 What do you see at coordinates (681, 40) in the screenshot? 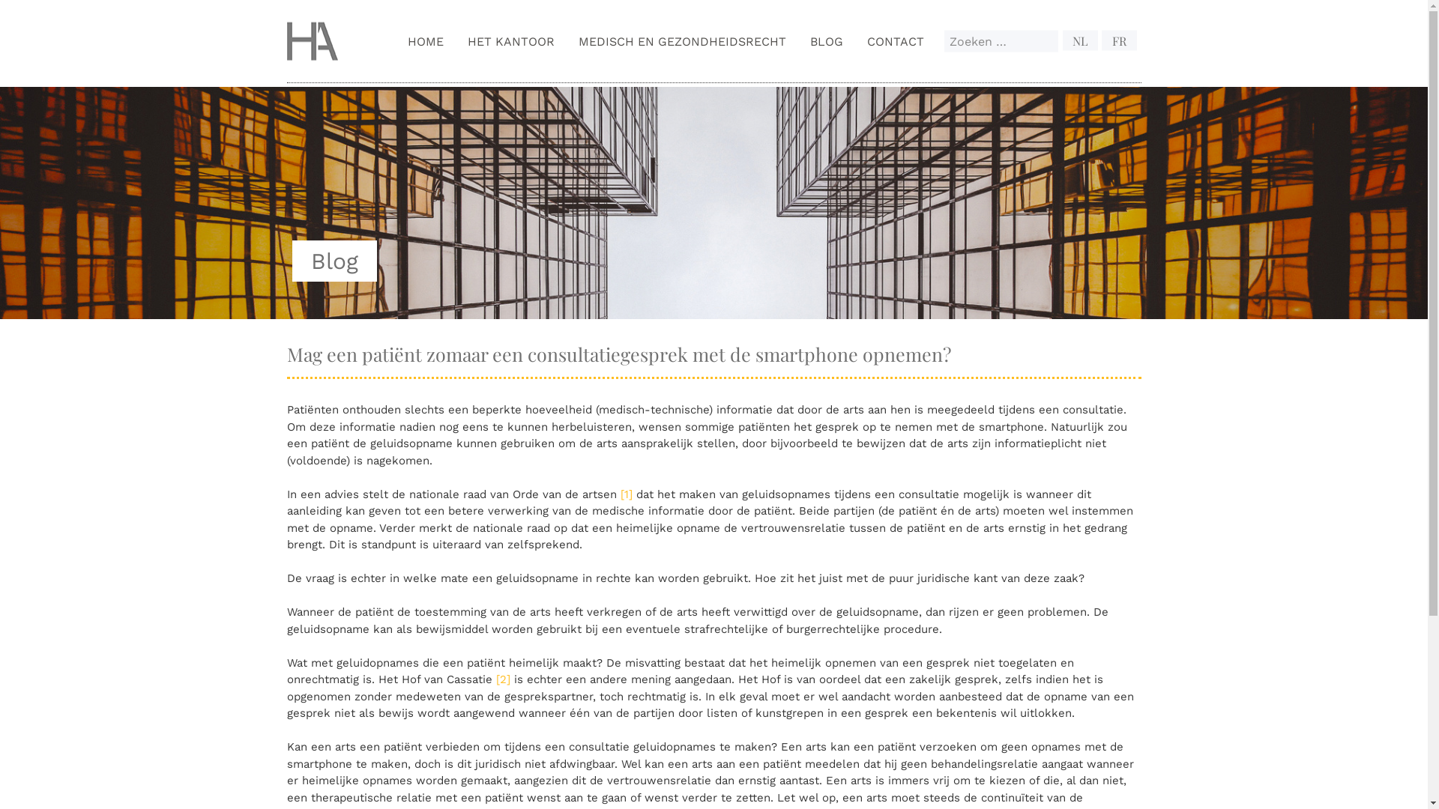
I see `'MEDISCH EN GEZONDHEIDSRECHT'` at bounding box center [681, 40].